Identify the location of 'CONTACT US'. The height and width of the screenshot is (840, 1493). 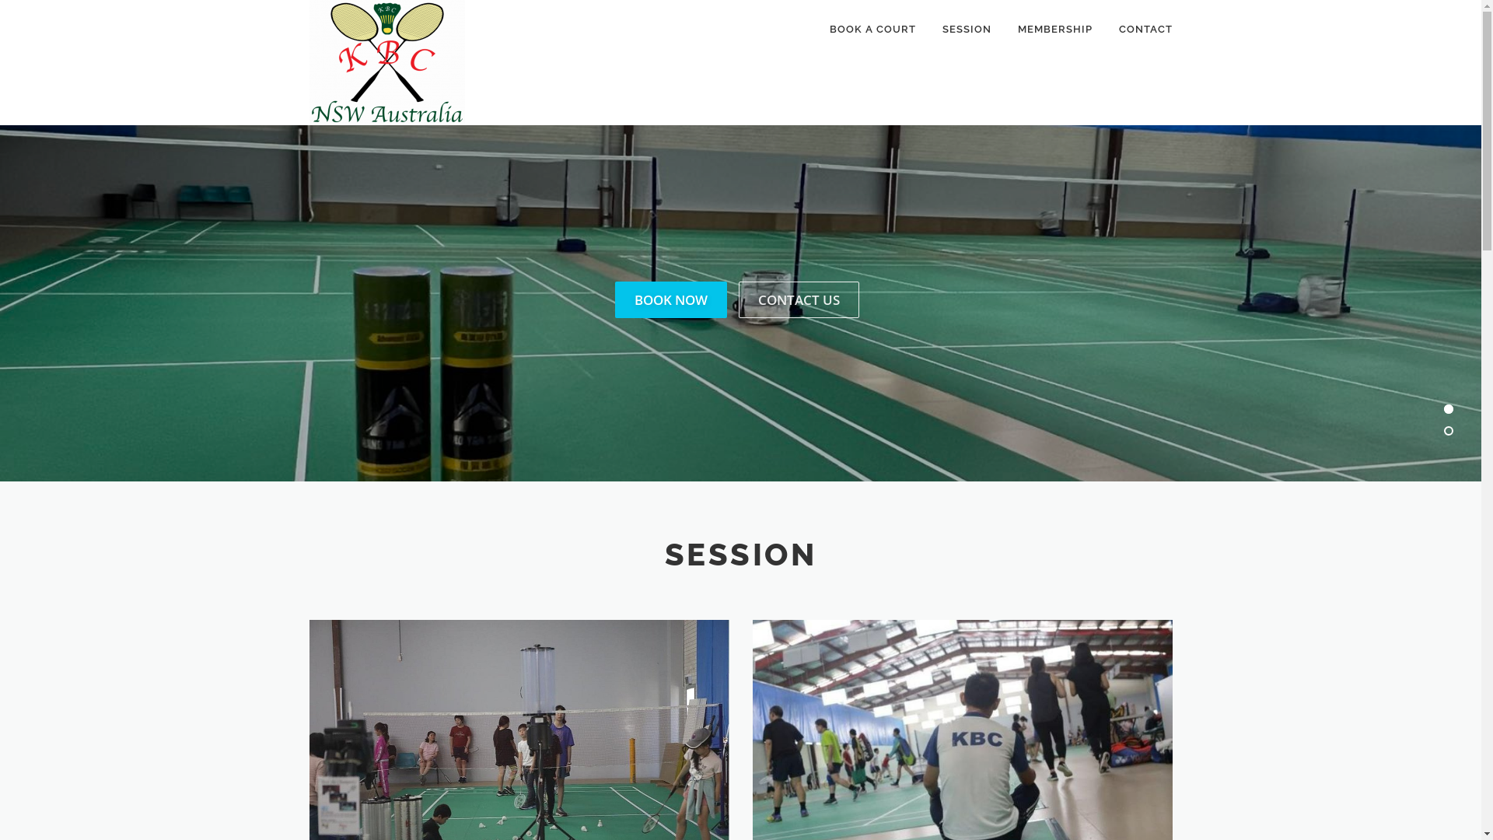
(738, 299).